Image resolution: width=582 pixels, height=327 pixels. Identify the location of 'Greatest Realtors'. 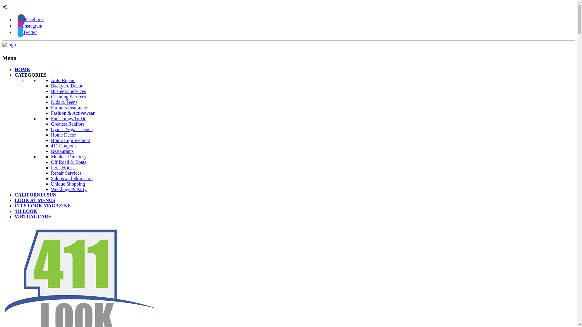
(51, 124).